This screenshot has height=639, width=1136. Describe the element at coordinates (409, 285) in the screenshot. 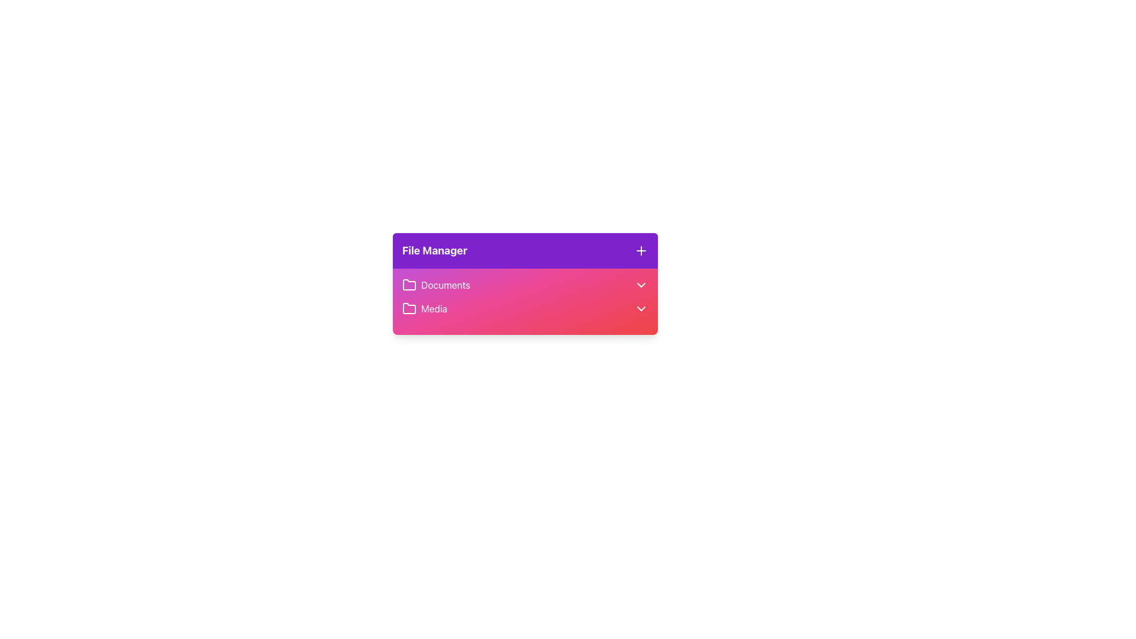

I see `the pink folder icon representing the 'Documents' section` at that location.